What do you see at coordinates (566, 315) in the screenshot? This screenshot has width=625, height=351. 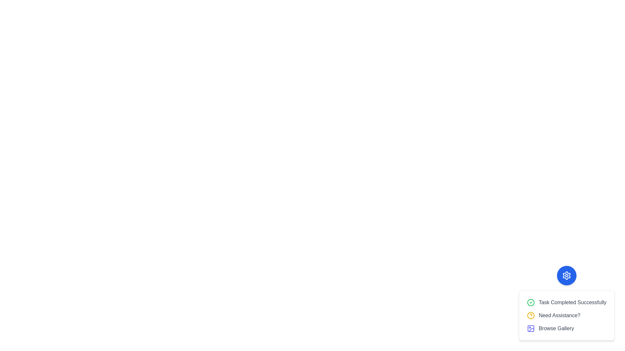 I see `the icons or text within the informational group containing the green checkmark, yellow question mark, and purple image icons` at bounding box center [566, 315].